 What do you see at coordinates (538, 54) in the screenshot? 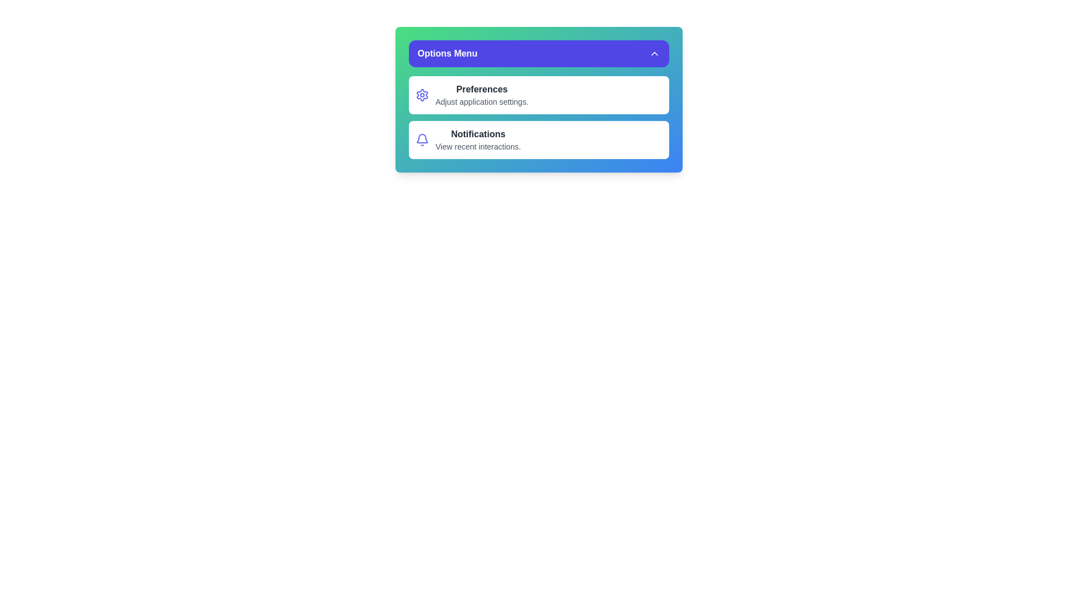
I see `the 'Options Menu' button to toggle the menu expansion` at bounding box center [538, 54].